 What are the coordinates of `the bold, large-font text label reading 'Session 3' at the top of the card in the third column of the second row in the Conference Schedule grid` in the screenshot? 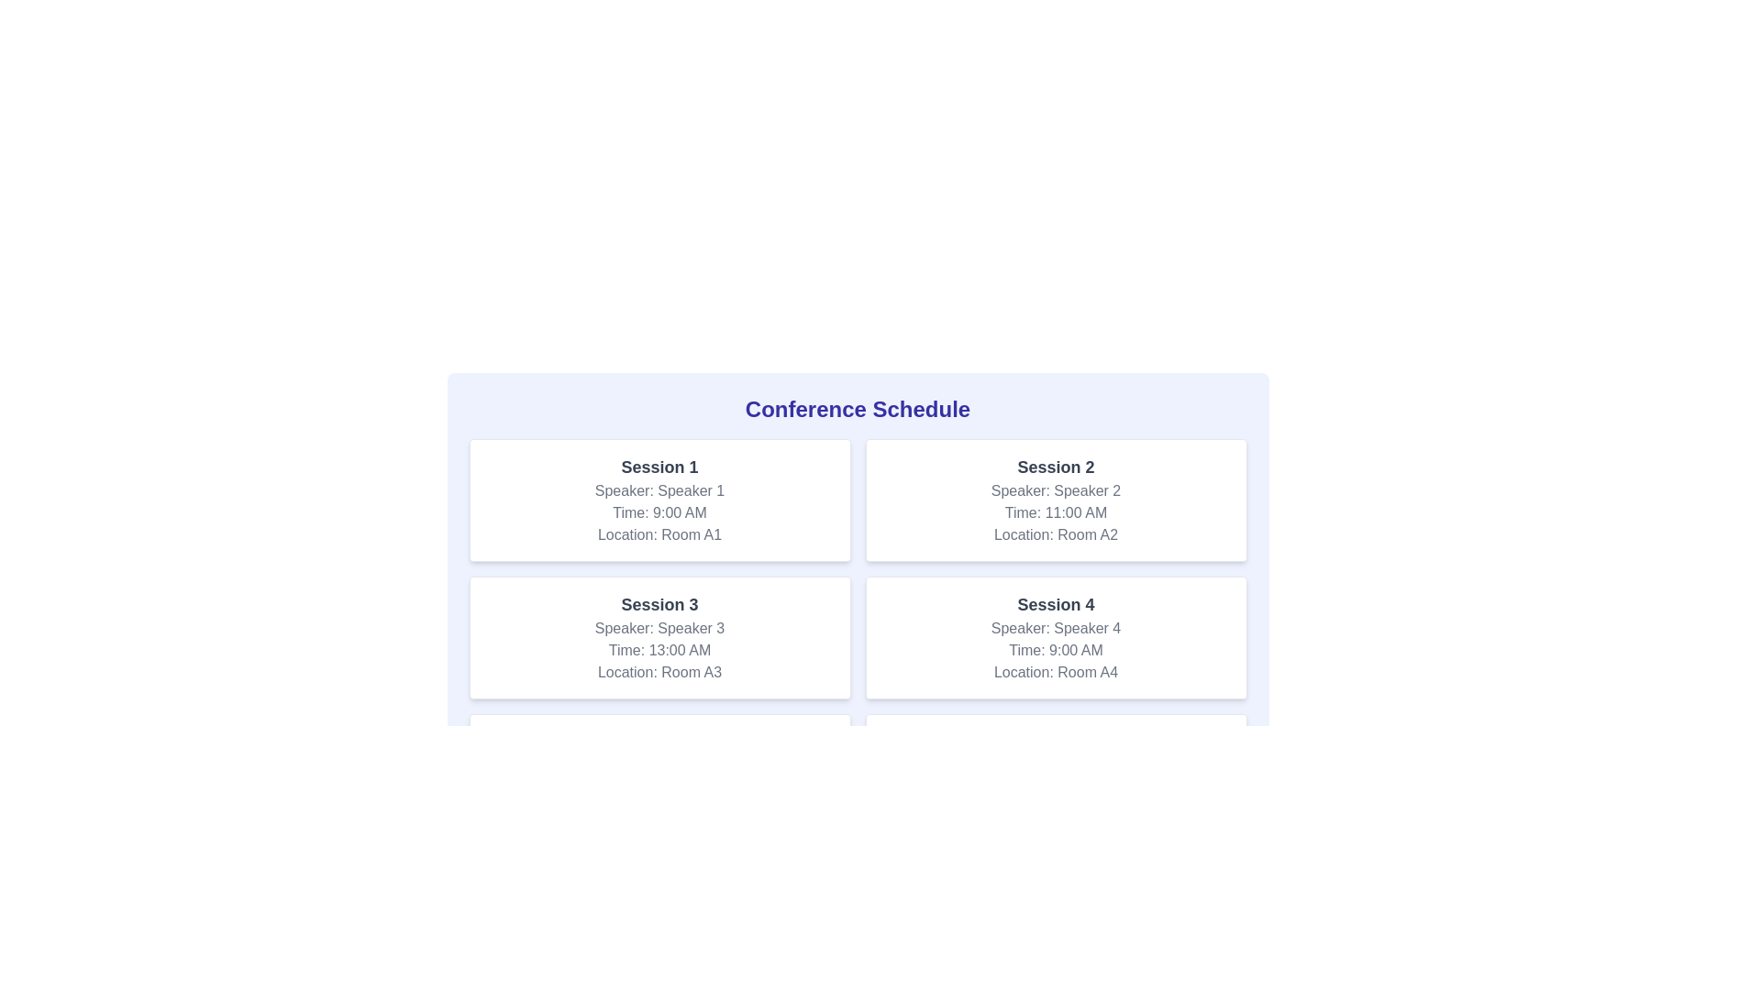 It's located at (659, 604).